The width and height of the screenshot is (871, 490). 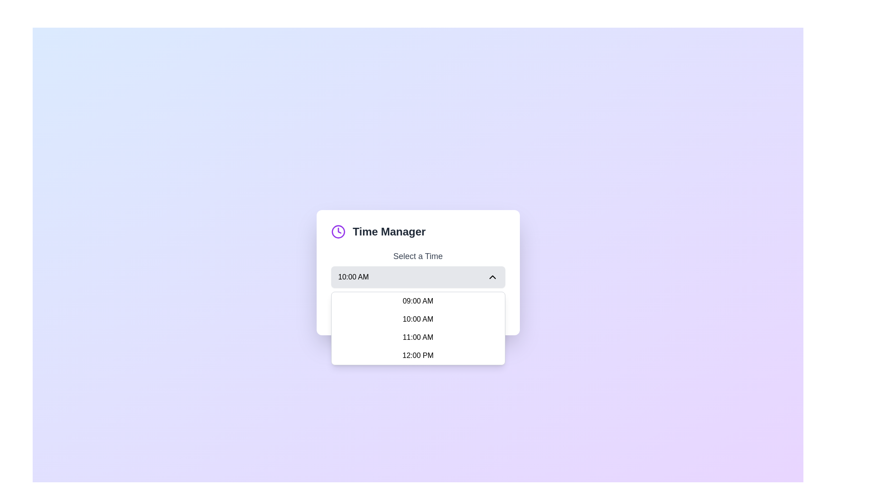 What do you see at coordinates (338, 231) in the screenshot?
I see `the circular border of the clock icon located in the top left of the dialog box, next to the 'Time Manager' title` at bounding box center [338, 231].